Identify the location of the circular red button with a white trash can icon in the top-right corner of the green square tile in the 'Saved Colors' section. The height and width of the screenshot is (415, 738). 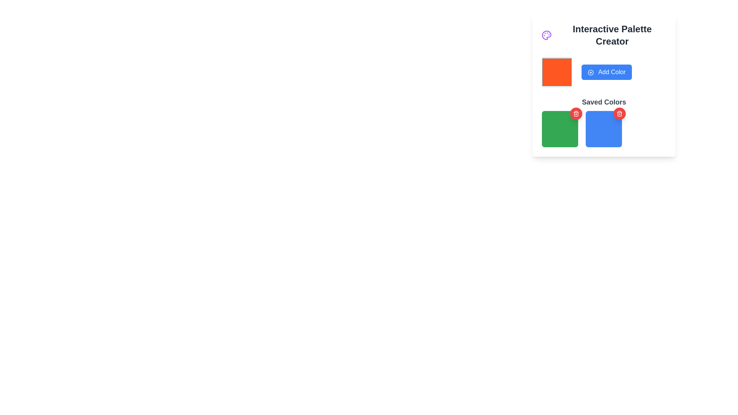
(576, 114).